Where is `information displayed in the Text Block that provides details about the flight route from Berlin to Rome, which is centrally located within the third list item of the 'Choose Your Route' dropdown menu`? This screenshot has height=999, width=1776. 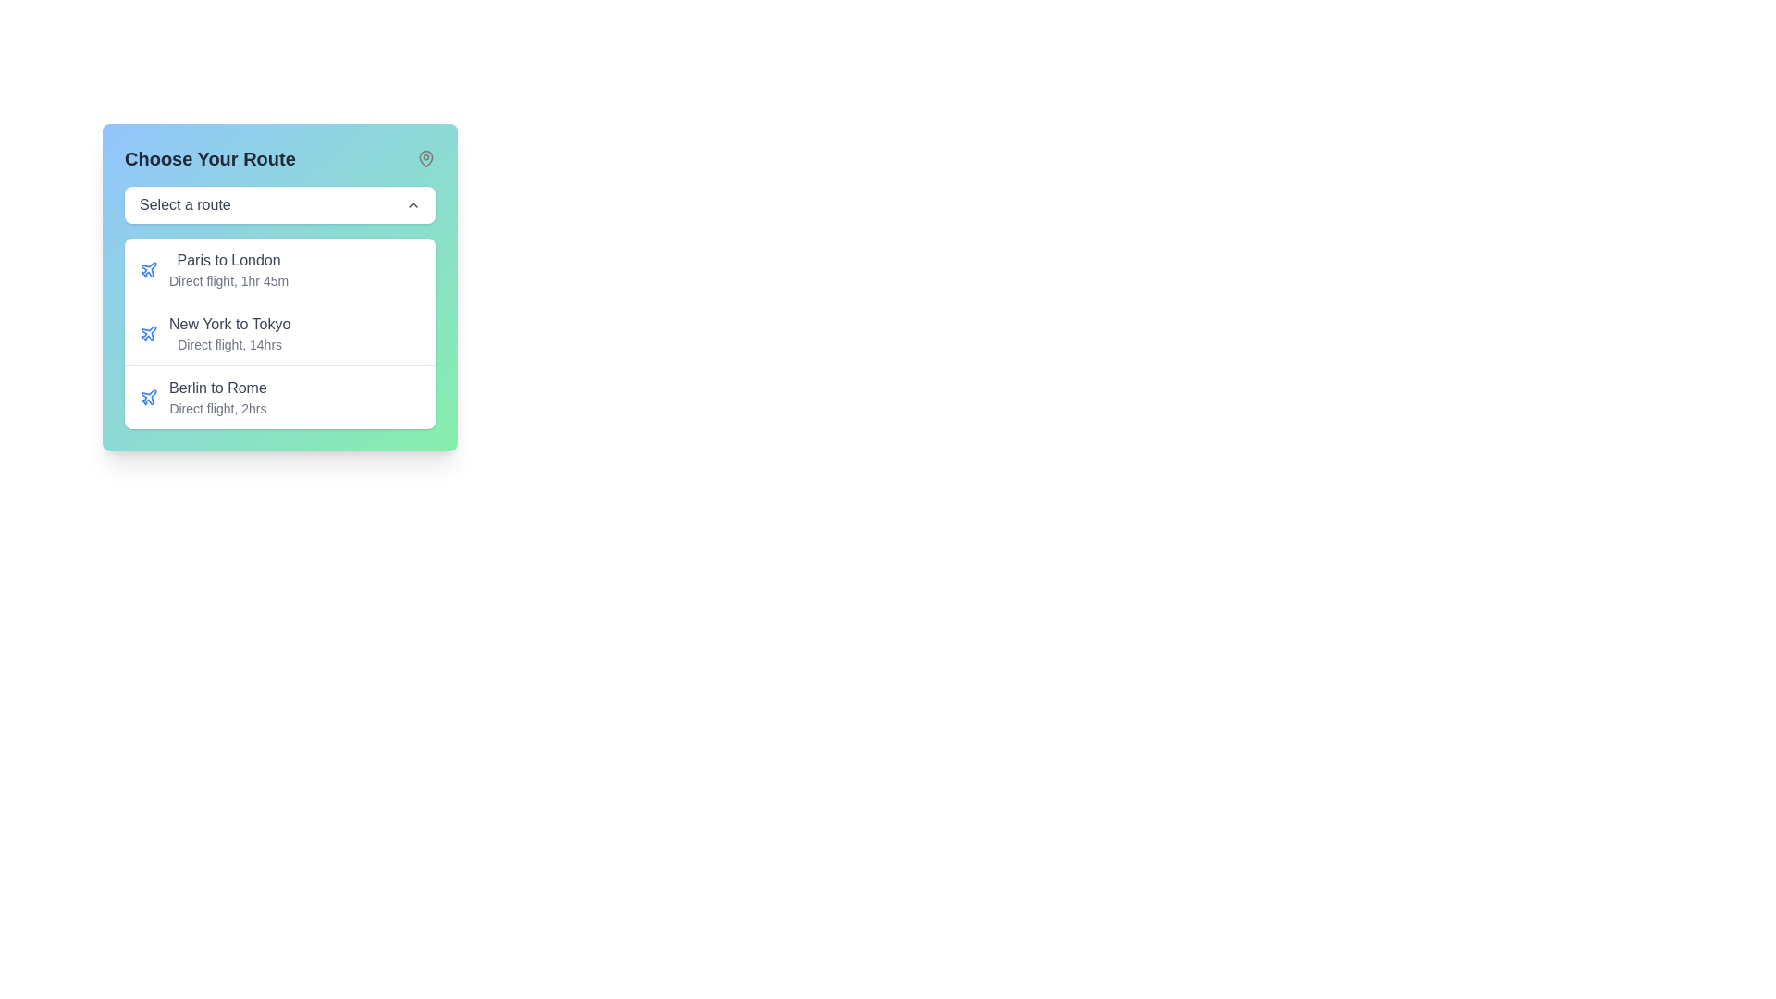
information displayed in the Text Block that provides details about the flight route from Berlin to Rome, which is centrally located within the third list item of the 'Choose Your Route' dropdown menu is located at coordinates (217, 396).